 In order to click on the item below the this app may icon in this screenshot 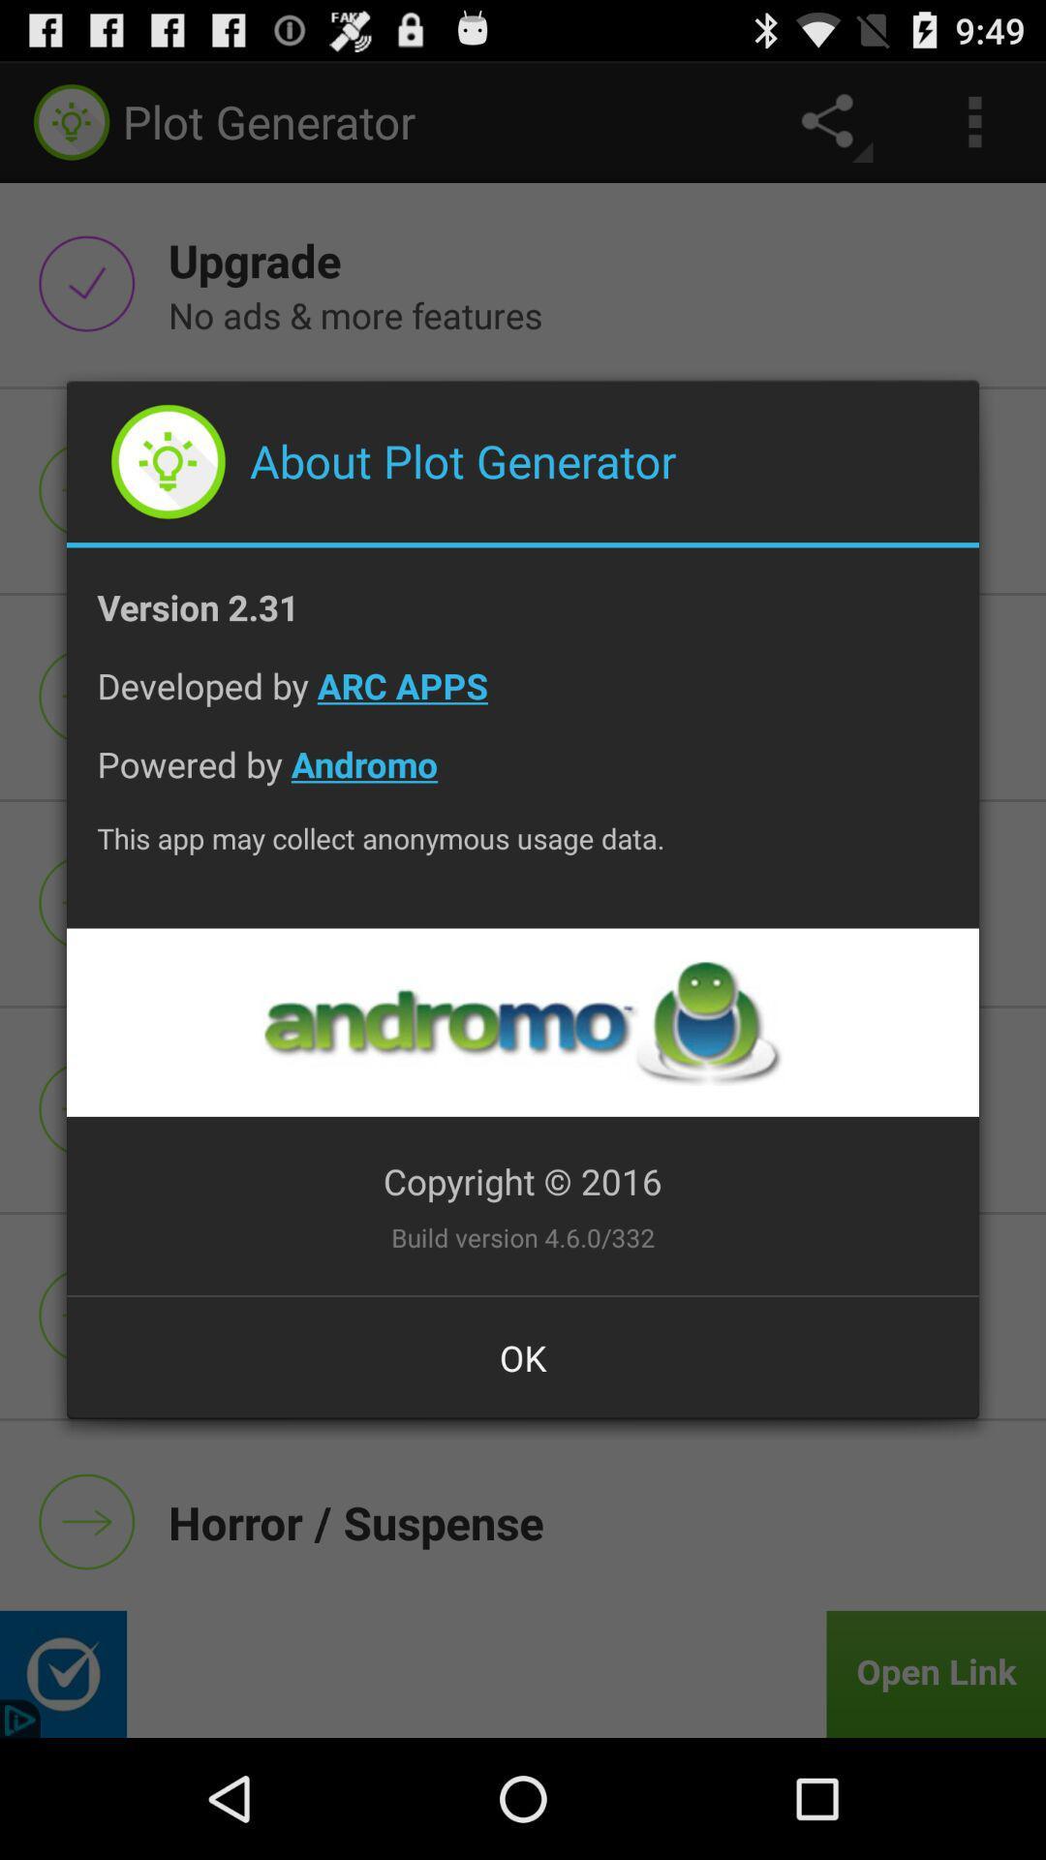, I will do `click(521, 1021)`.